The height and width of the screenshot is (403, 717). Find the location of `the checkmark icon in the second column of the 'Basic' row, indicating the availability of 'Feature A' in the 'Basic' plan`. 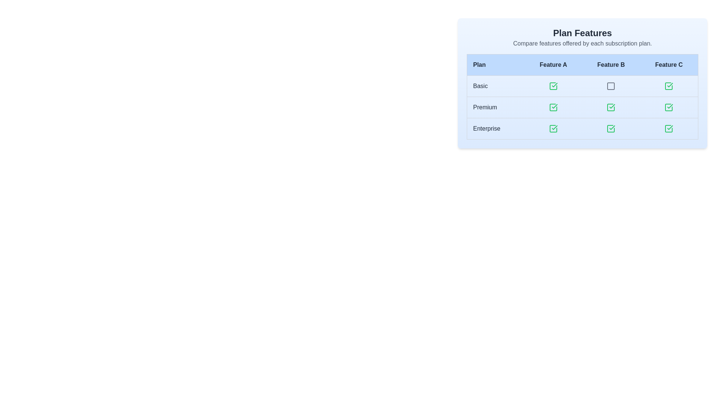

the checkmark icon in the second column of the 'Basic' row, indicating the availability of 'Feature A' in the 'Basic' plan is located at coordinates (553, 86).